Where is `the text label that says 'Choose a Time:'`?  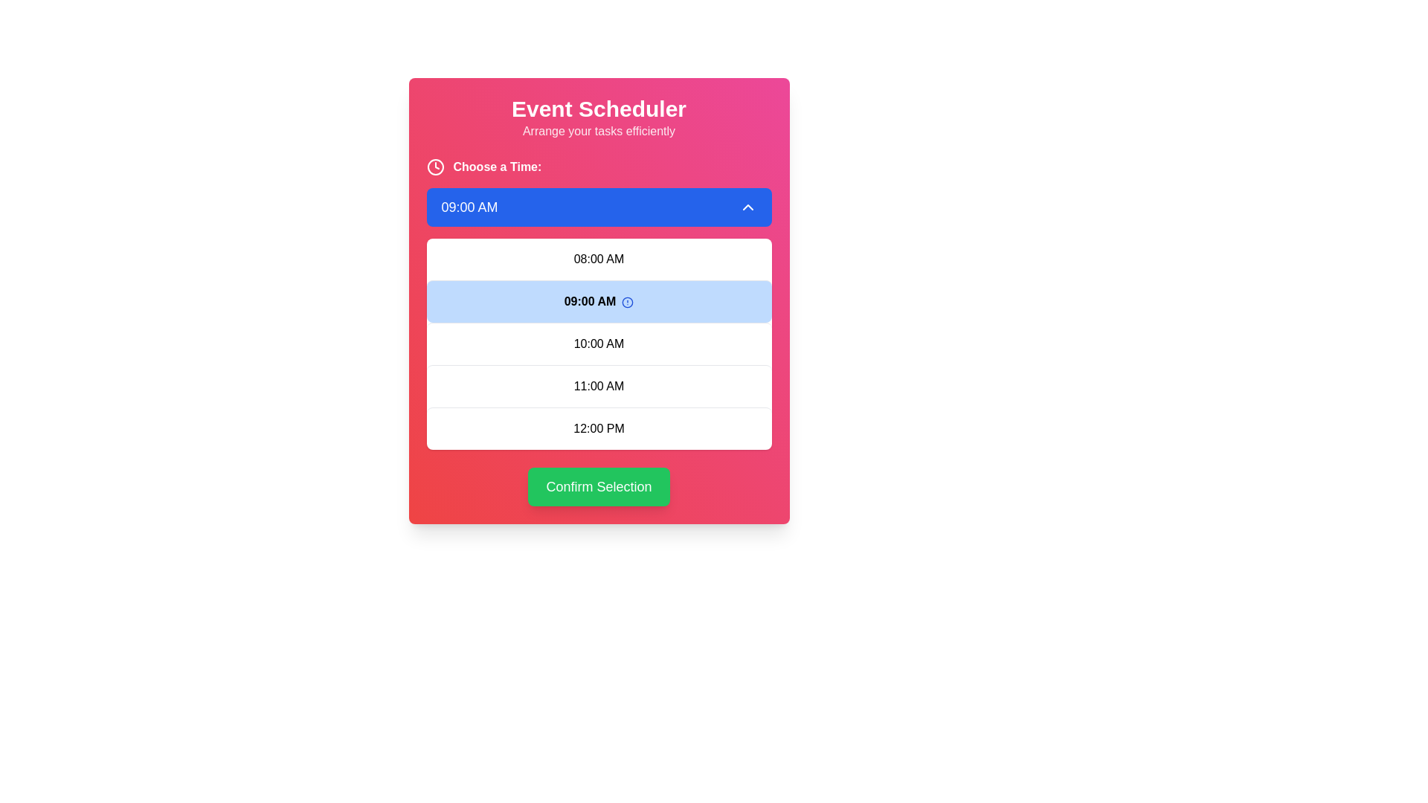
the text label that says 'Choose a Time:' is located at coordinates (497, 167).